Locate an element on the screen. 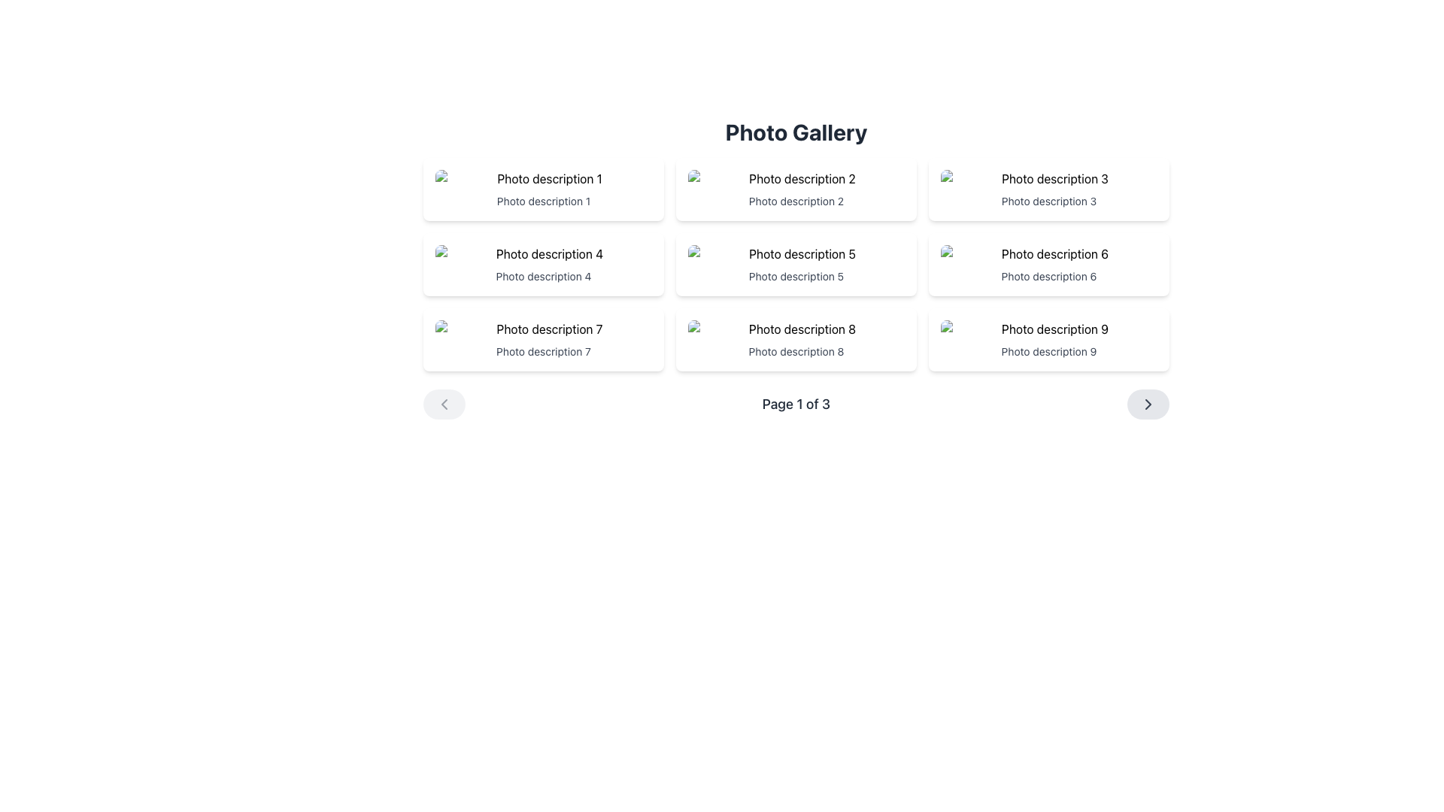  the clickable card containing an image and the text caption 'Photo description 7', which is located in the bottom row of a three-column grid layout is located at coordinates (543, 339).